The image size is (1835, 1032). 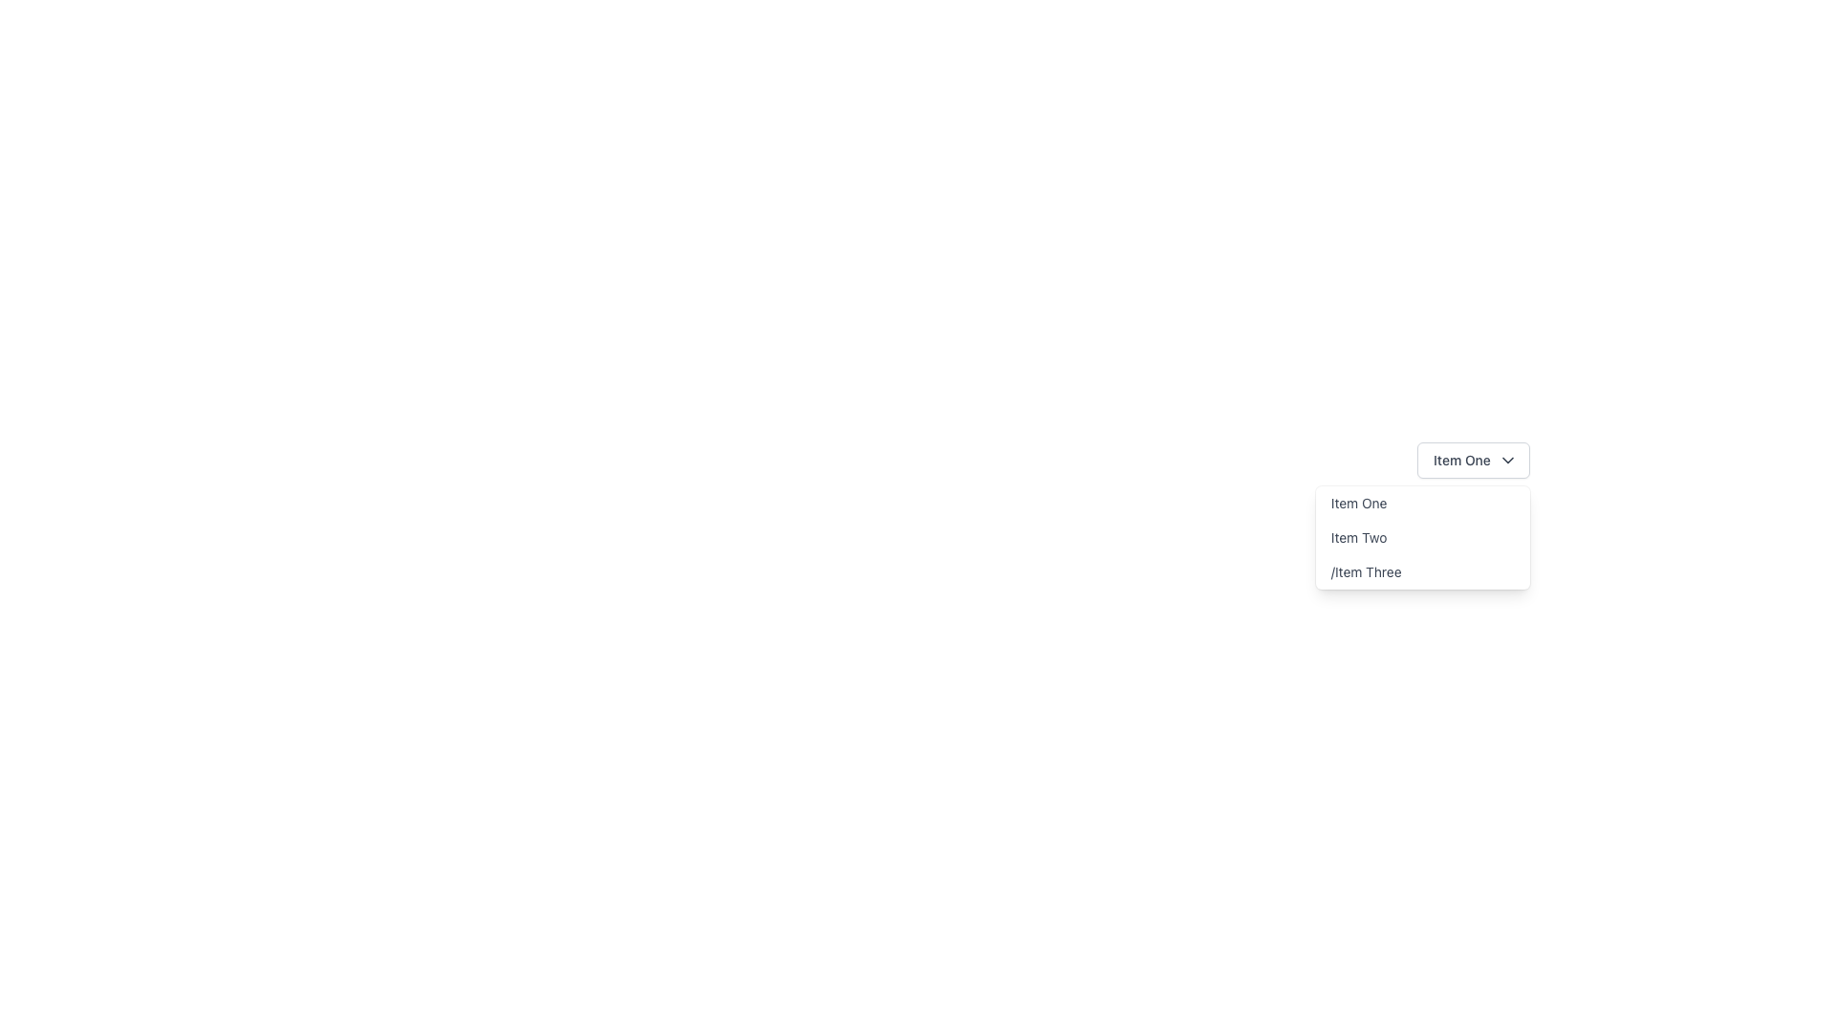 What do you see at coordinates (1422, 538) in the screenshot?
I see `the dropdown menu item 'Item Two'` at bounding box center [1422, 538].